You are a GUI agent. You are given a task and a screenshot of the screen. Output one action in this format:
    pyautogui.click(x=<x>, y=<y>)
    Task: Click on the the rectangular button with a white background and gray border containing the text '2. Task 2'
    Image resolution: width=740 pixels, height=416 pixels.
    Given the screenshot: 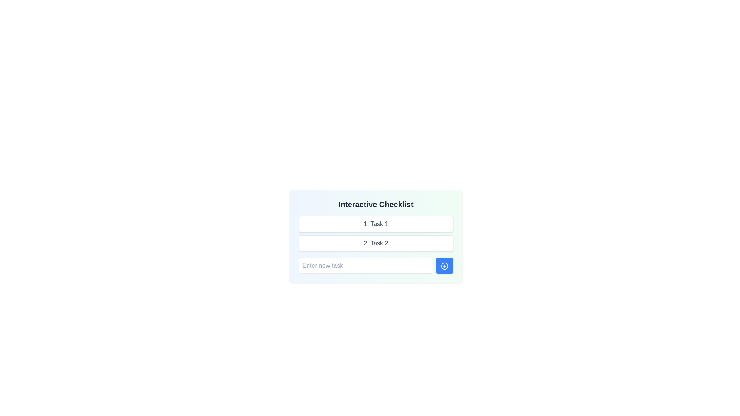 What is the action you would take?
    pyautogui.click(x=376, y=243)
    